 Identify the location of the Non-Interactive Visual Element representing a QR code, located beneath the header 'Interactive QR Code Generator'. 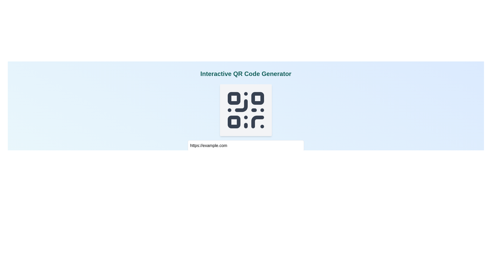
(246, 110).